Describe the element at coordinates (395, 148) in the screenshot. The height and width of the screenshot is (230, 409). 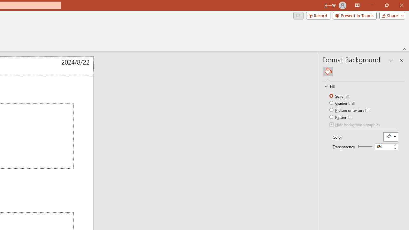
I see `'Less'` at that location.